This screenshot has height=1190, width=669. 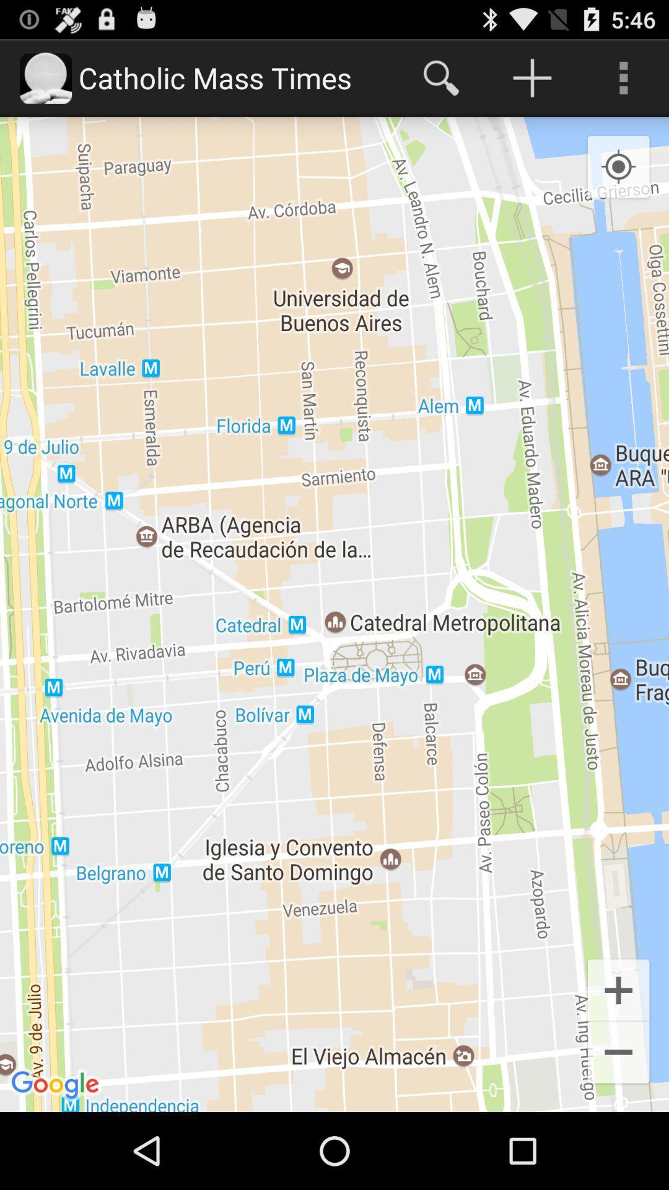 What do you see at coordinates (440, 77) in the screenshot?
I see `the item at the top` at bounding box center [440, 77].